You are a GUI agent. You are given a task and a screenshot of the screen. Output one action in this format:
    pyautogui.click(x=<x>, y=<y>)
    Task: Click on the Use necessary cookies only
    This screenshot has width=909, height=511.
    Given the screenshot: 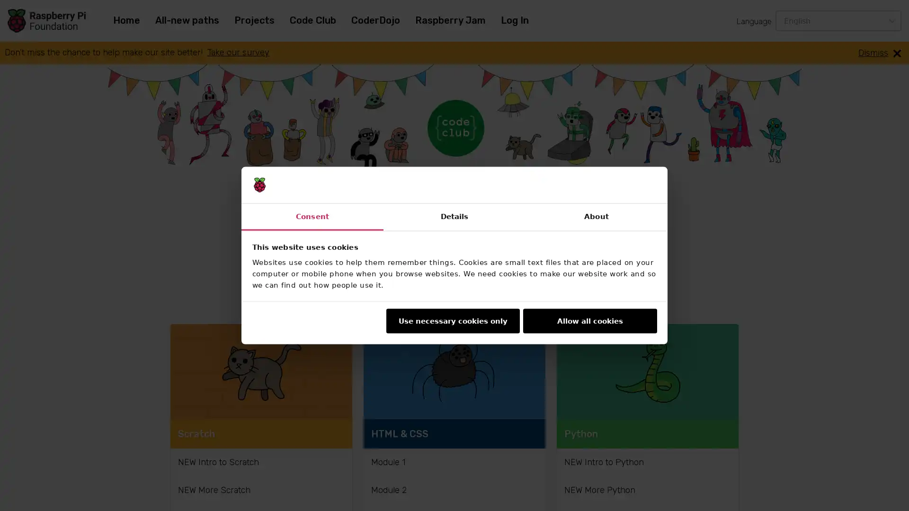 What is the action you would take?
    pyautogui.click(x=452, y=320)
    